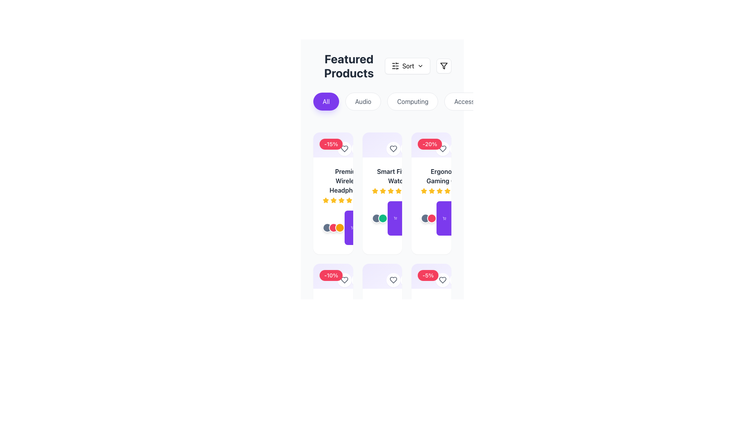 Image resolution: width=751 pixels, height=422 pixels. What do you see at coordinates (397, 176) in the screenshot?
I see `the product name Text label located in the first row and second column of the product listing grid` at bounding box center [397, 176].